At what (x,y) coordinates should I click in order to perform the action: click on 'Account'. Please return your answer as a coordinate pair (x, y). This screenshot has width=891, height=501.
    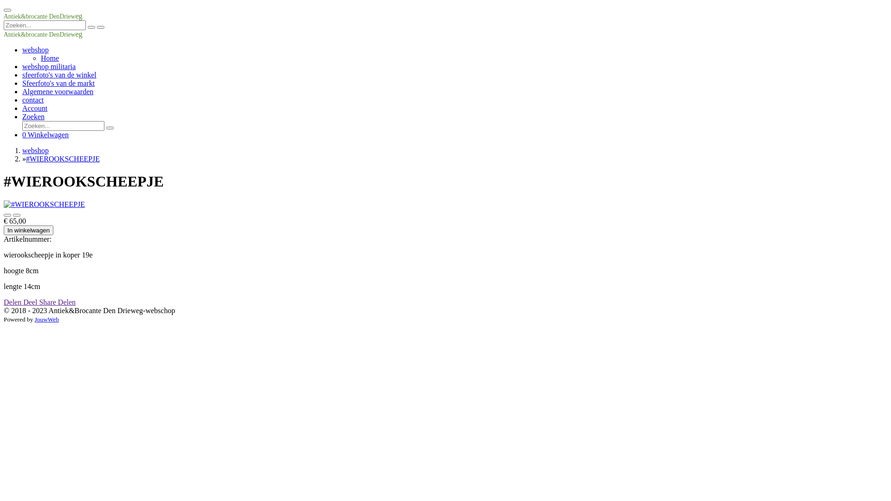
    Looking at the image, I should click on (35, 108).